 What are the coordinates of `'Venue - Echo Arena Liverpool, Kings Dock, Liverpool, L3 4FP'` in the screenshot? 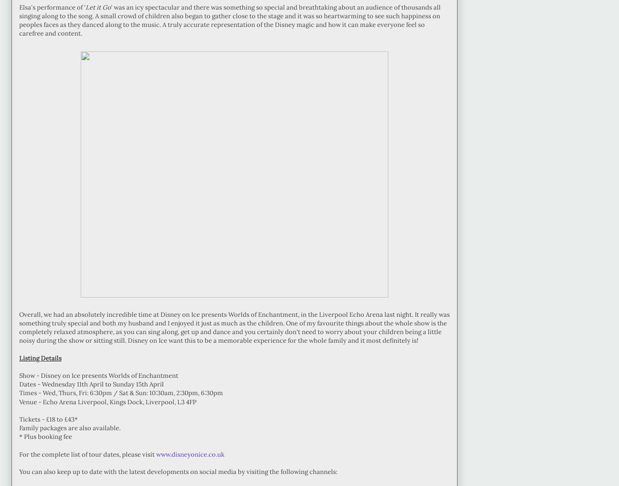 It's located at (19, 401).